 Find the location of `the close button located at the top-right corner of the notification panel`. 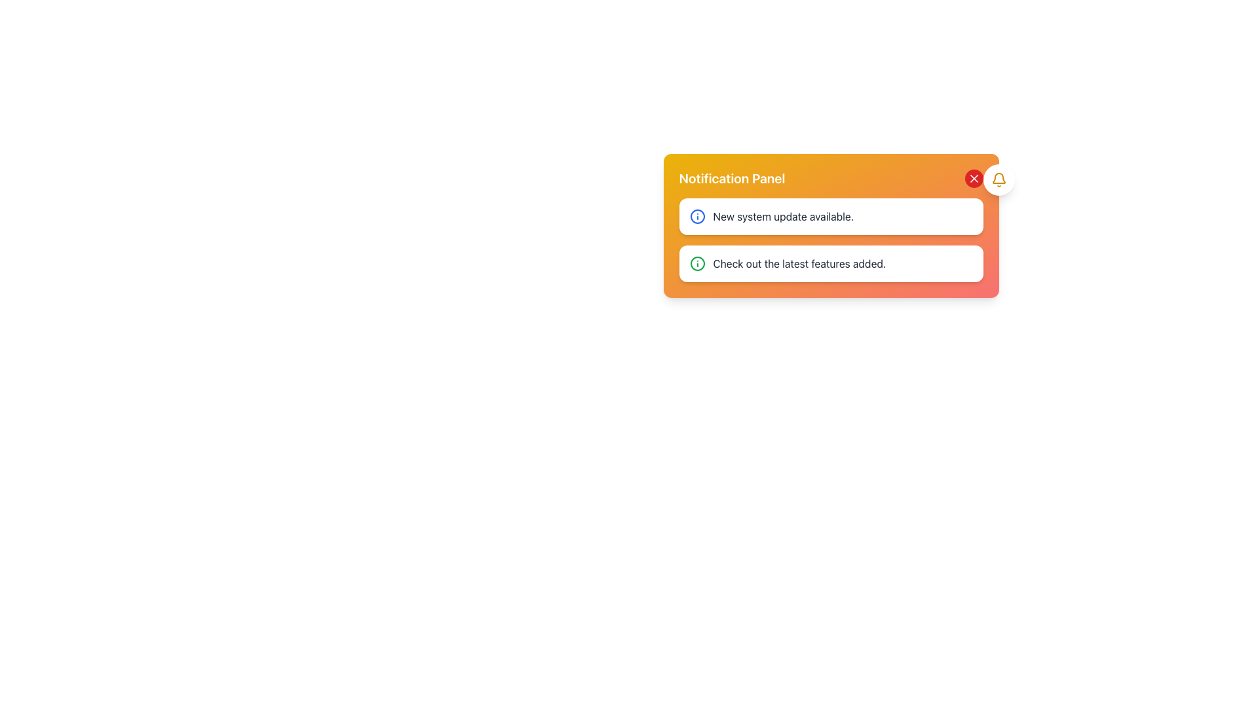

the close button located at the top-right corner of the notification panel is located at coordinates (974, 179).